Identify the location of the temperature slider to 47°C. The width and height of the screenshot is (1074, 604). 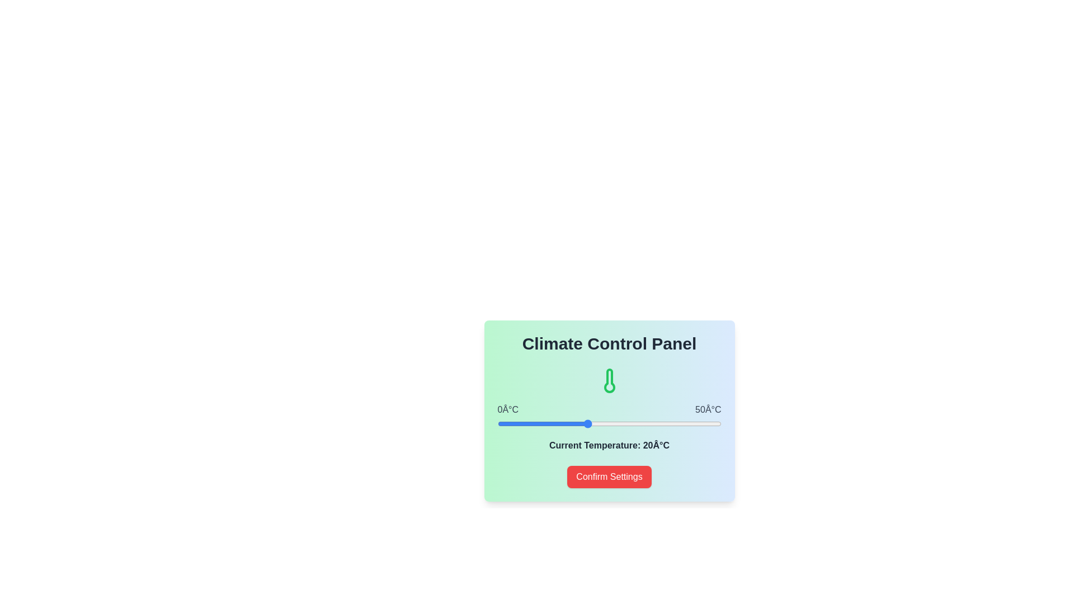
(707, 424).